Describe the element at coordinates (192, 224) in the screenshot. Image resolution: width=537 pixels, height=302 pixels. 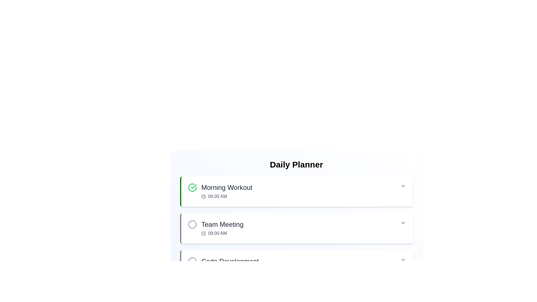
I see `the Circular status icon indicating the status of the 'Team Meeting' task, which is located to the immediate left of the text label 'Team Meeting' in the task list` at that location.